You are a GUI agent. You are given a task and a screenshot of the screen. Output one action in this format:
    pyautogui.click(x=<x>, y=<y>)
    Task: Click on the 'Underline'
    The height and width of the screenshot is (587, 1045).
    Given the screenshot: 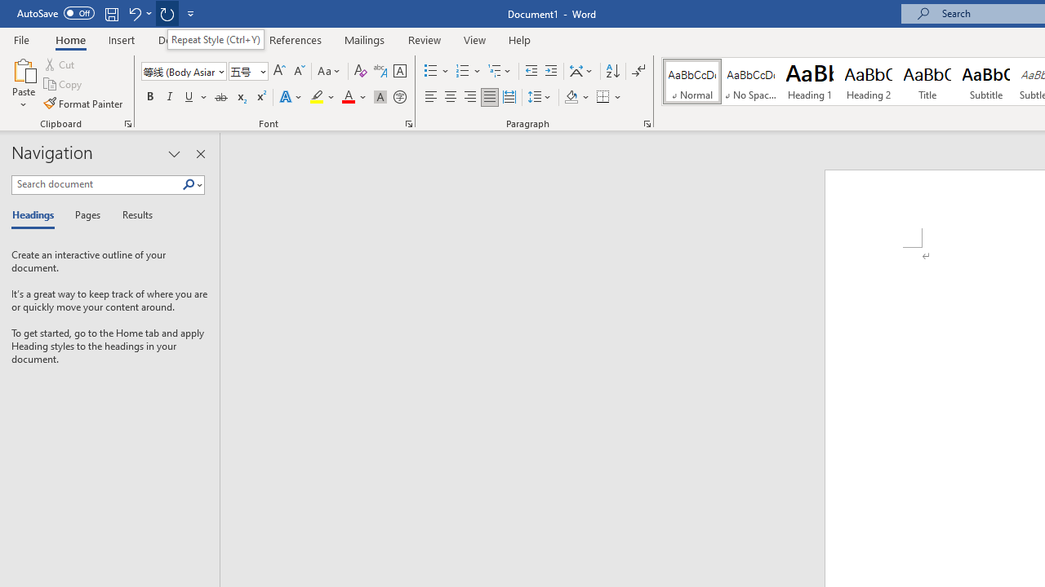 What is the action you would take?
    pyautogui.click(x=189, y=97)
    